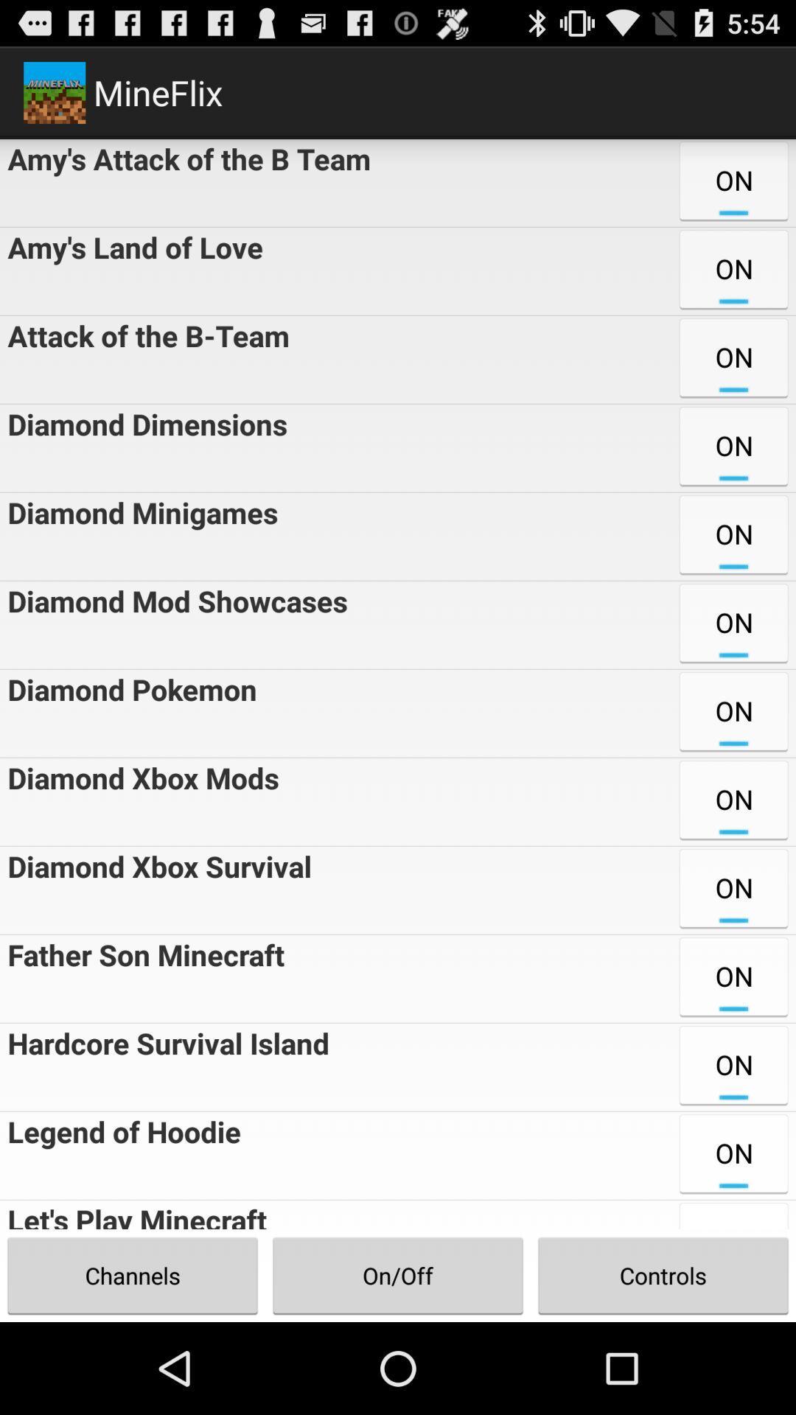 The image size is (796, 1415). Describe the element at coordinates (139, 536) in the screenshot. I see `the item below the diamond dimensions` at that location.